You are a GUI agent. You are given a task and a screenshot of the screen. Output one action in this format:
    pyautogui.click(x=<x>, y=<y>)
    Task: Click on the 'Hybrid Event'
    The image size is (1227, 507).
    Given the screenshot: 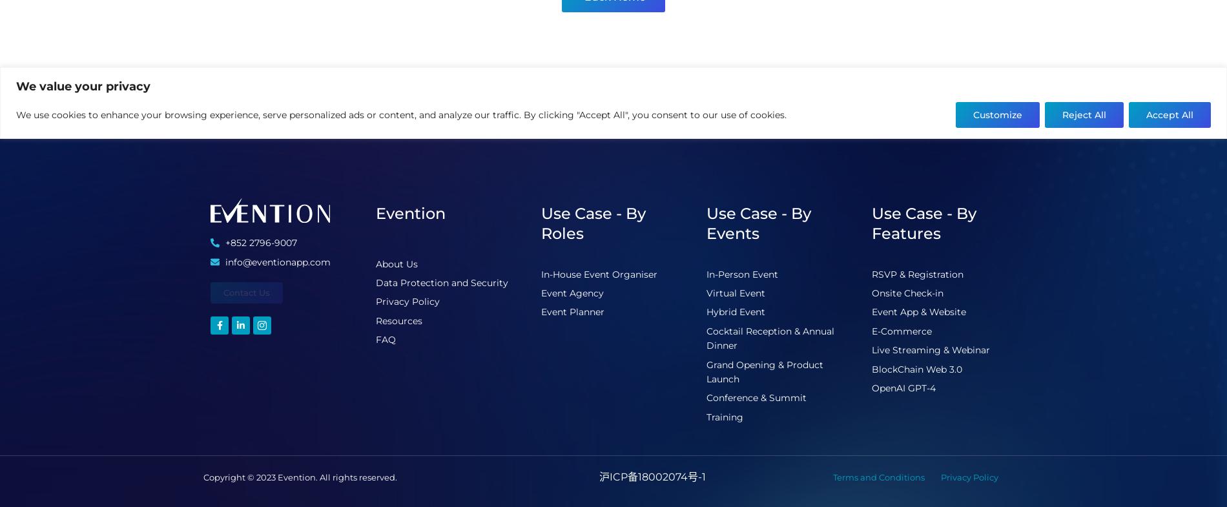 What is the action you would take?
    pyautogui.click(x=736, y=312)
    